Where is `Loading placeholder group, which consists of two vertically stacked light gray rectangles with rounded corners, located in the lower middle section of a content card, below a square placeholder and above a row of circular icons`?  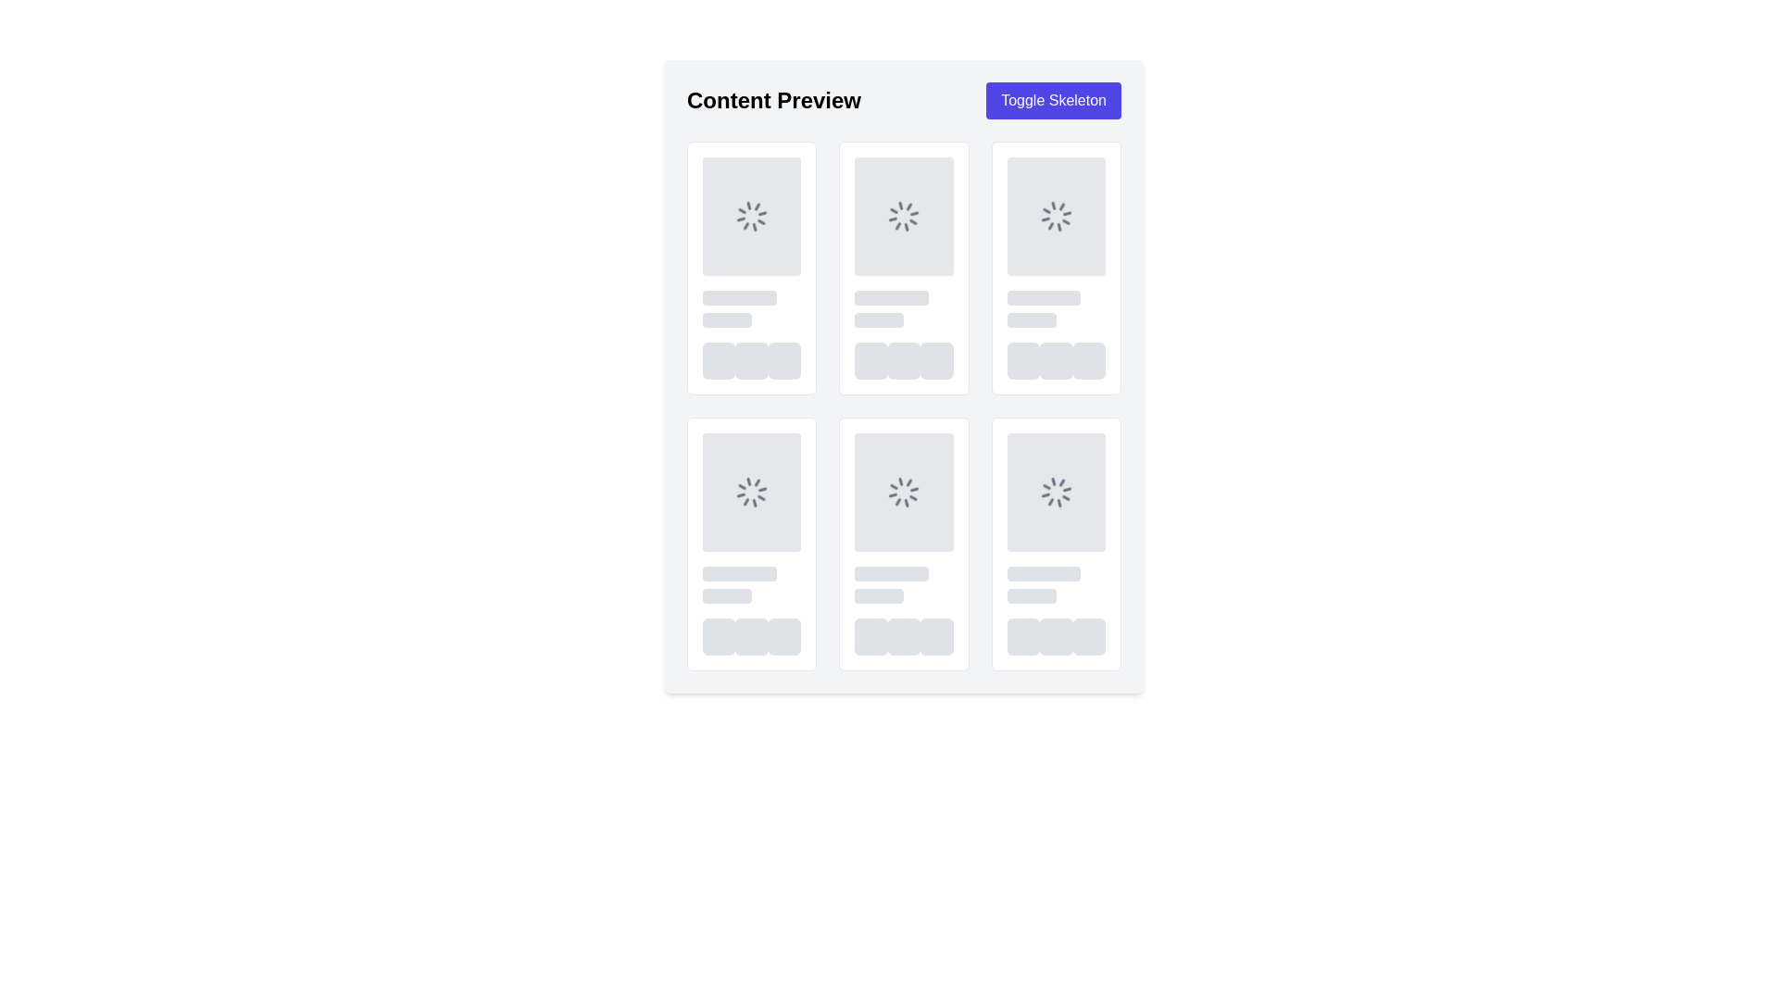 Loading placeholder group, which consists of two vertically stacked light gray rectangles with rounded corners, located in the lower middle section of a content card, below a square placeholder and above a row of circular icons is located at coordinates (752, 308).